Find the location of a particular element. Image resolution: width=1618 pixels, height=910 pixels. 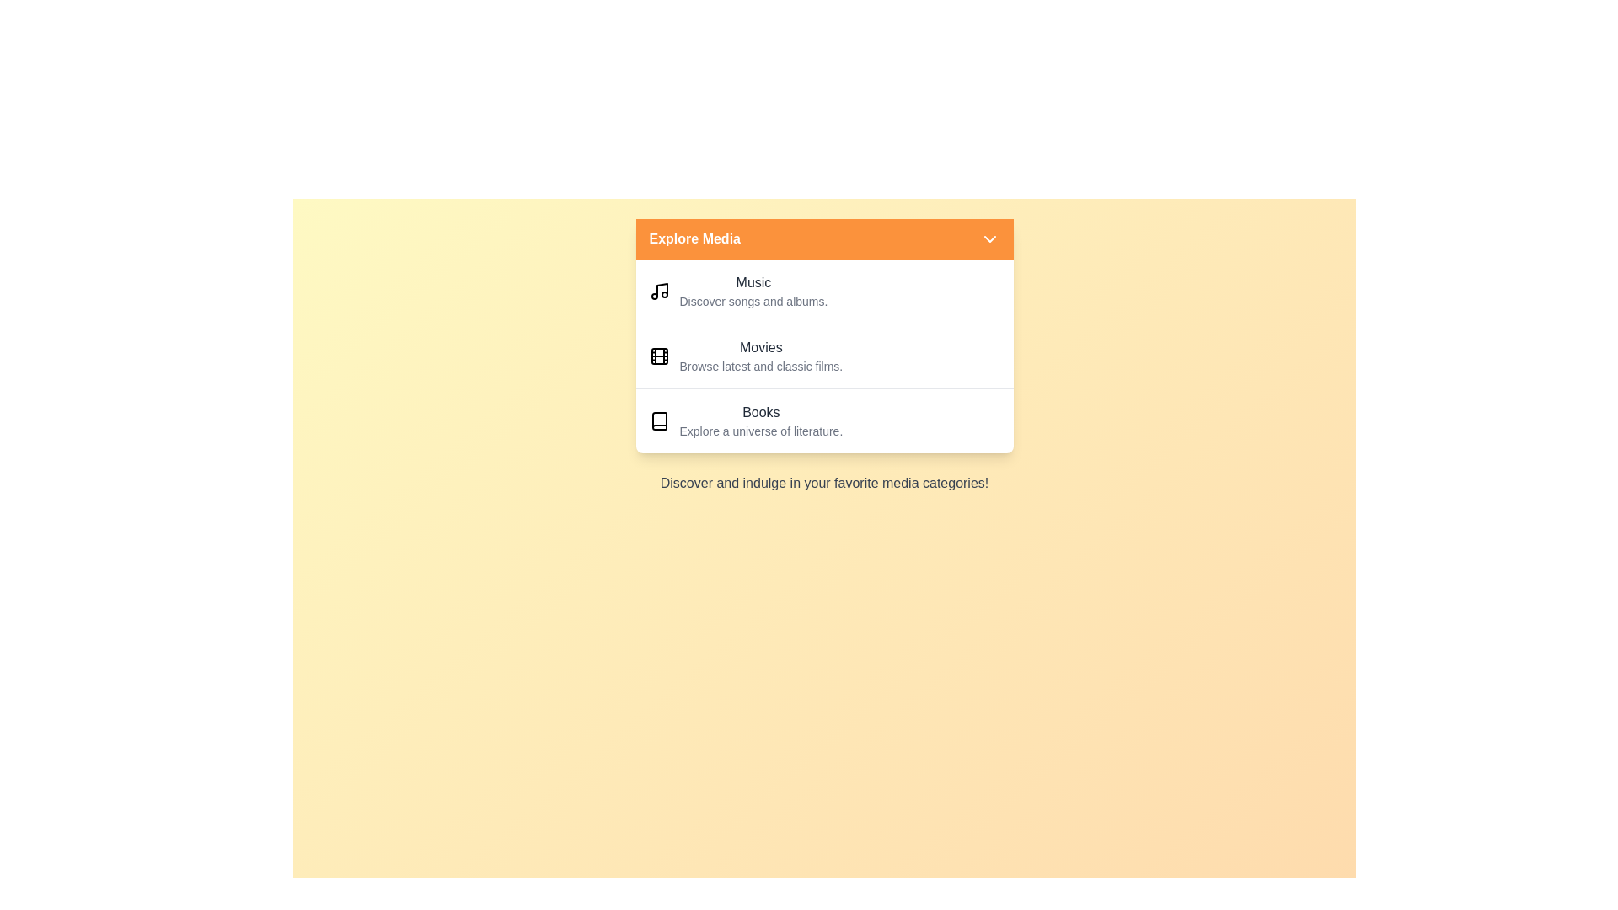

the media category Books by clicking on its corresponding list item is located at coordinates (824, 420).